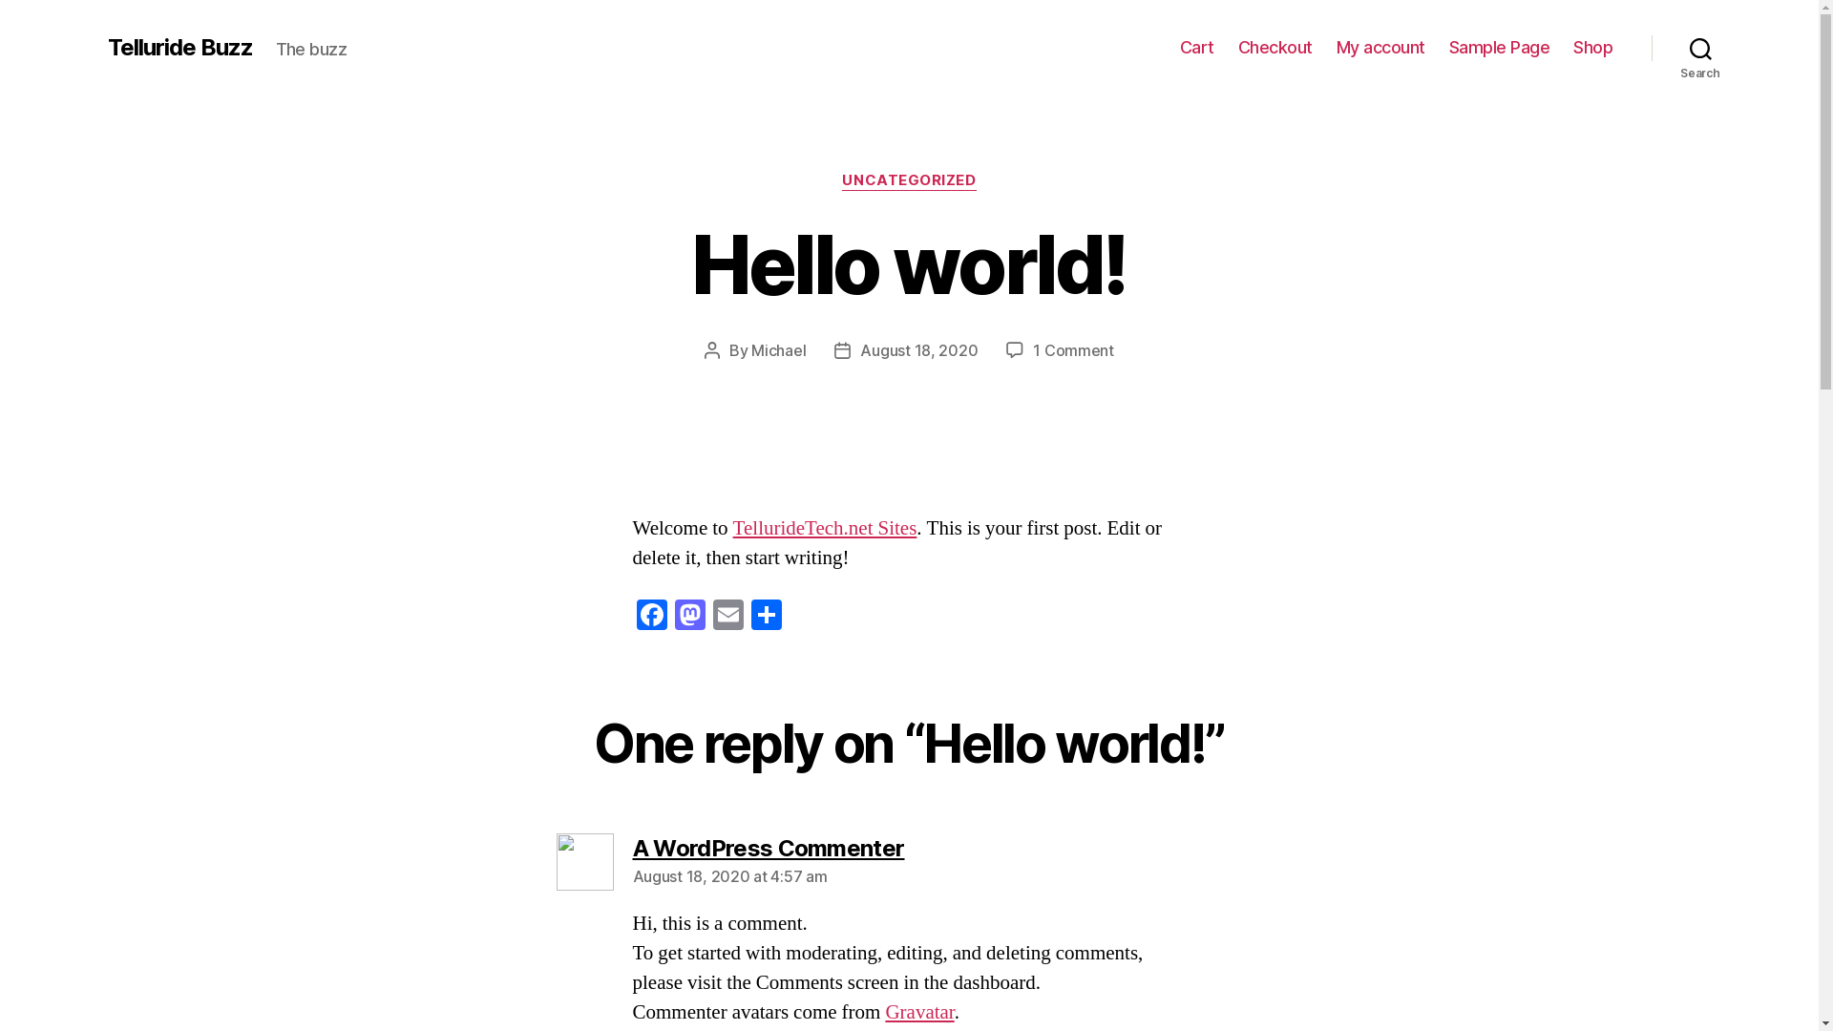 This screenshot has width=1833, height=1031. What do you see at coordinates (1650, 47) in the screenshot?
I see `'Search'` at bounding box center [1650, 47].